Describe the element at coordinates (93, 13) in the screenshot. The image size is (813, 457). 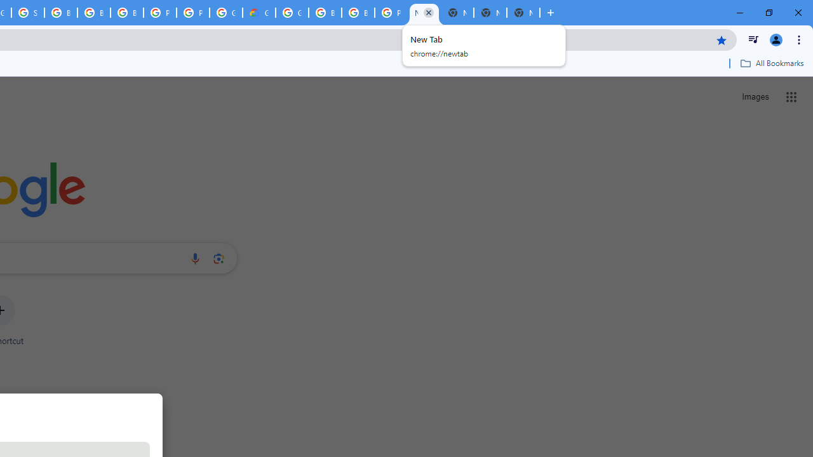
I see `'Browse Chrome as a guest - Computer - Google Chrome Help'` at that location.